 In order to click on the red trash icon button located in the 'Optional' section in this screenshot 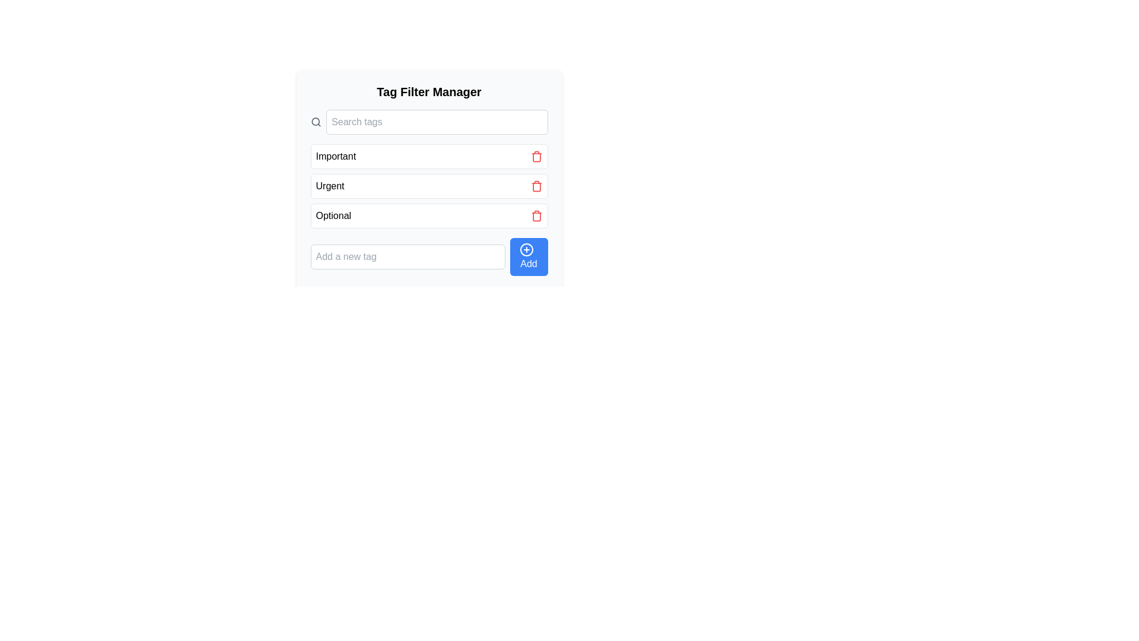, I will do `click(536, 215)`.